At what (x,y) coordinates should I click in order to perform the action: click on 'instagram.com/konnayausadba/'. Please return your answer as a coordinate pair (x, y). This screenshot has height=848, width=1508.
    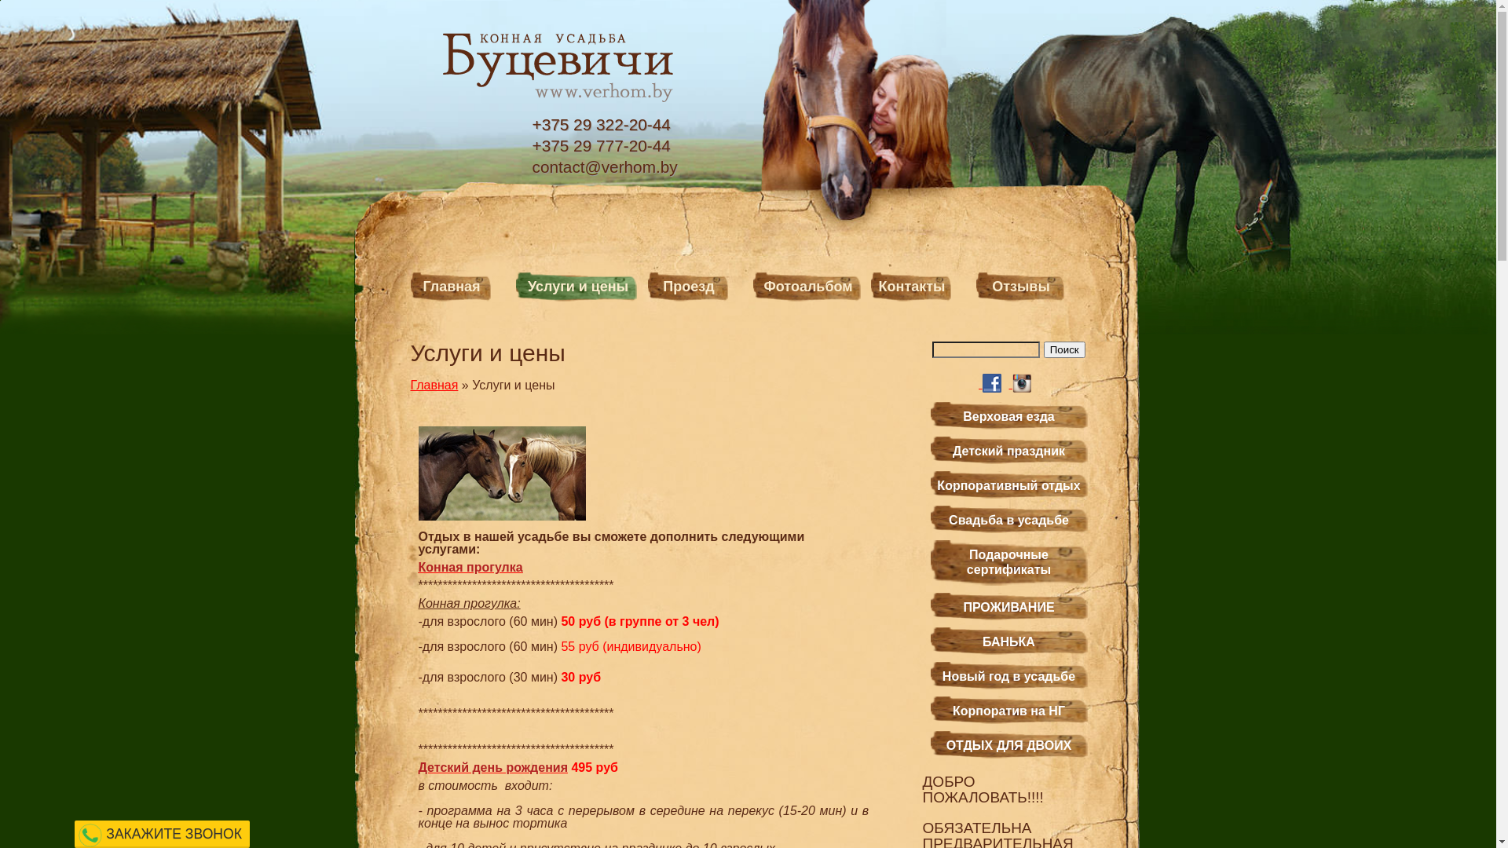
    Looking at the image, I should click on (1012, 383).